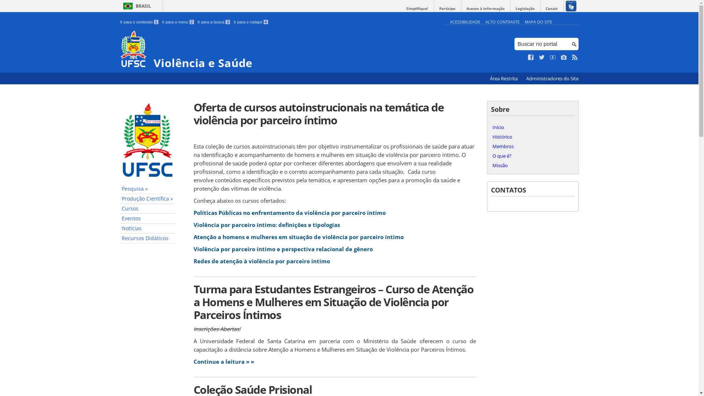 This screenshot has width=704, height=396. Describe the element at coordinates (213, 22) in the screenshot. I see `'Ir para a busca 3'` at that location.